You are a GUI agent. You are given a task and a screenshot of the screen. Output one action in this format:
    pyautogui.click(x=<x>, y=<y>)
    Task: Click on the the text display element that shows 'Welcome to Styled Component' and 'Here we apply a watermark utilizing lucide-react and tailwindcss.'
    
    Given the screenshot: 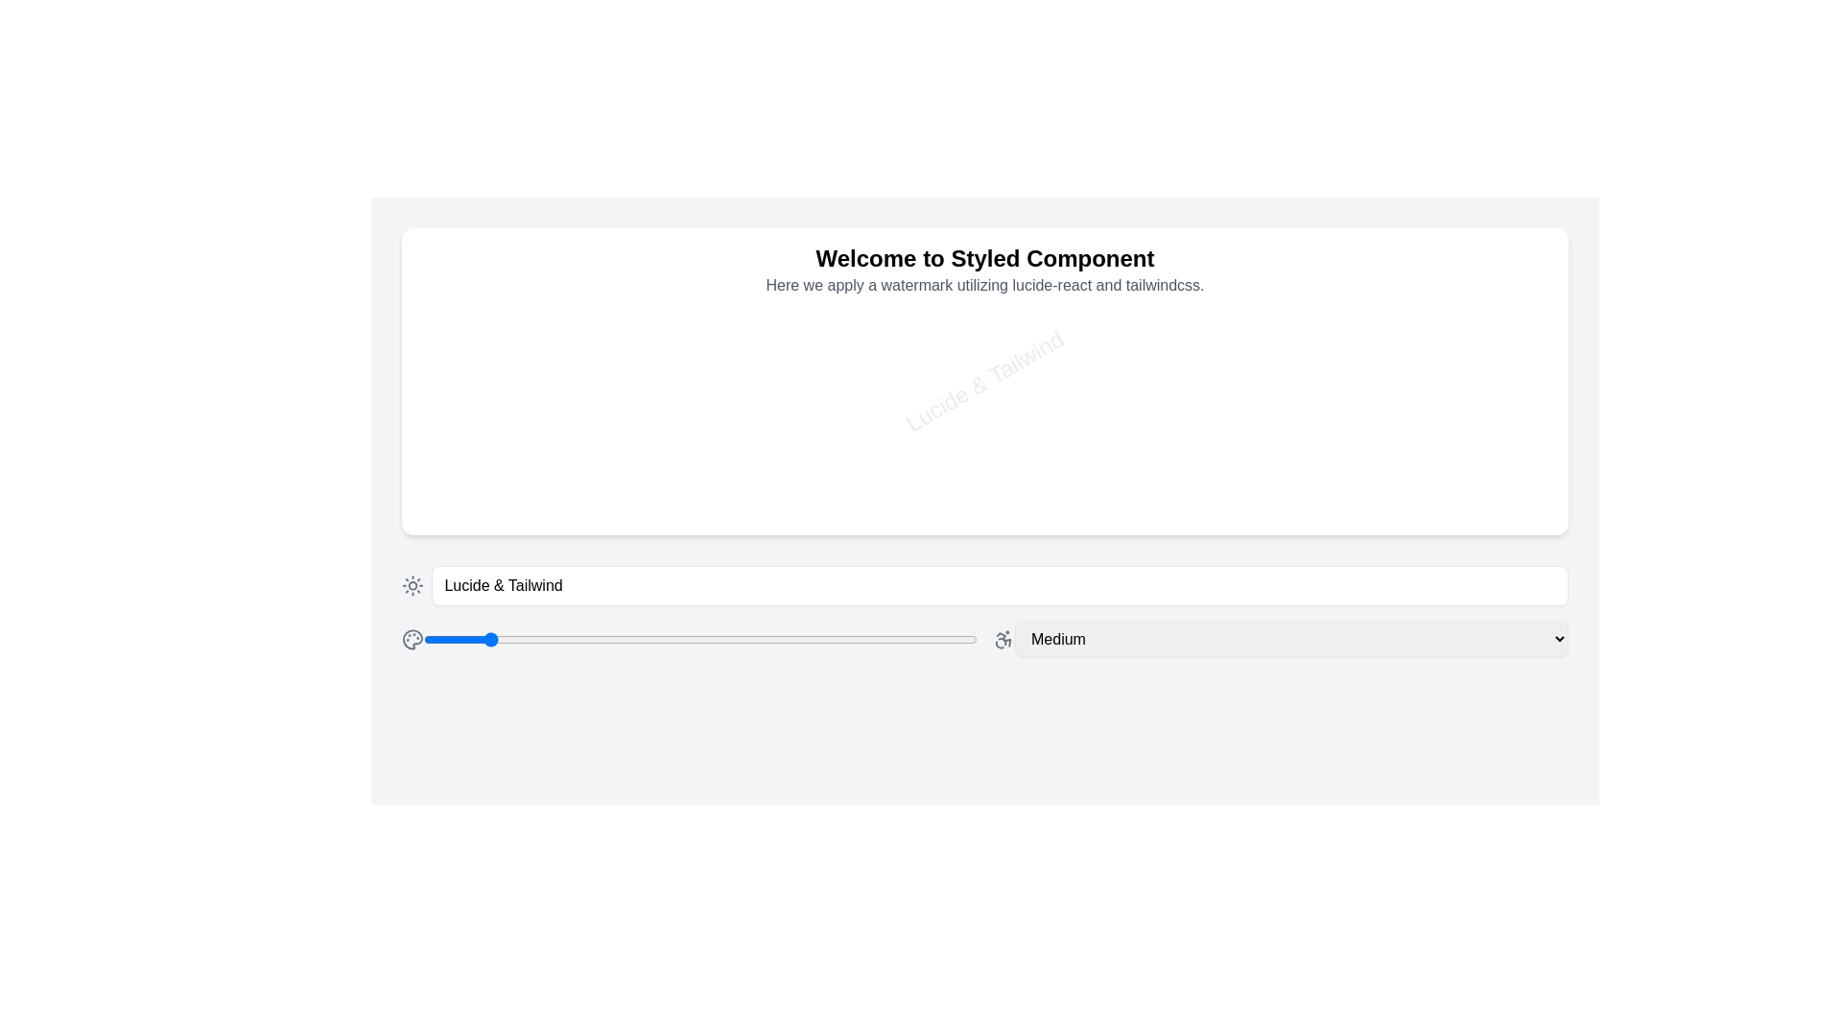 What is the action you would take?
    pyautogui.click(x=985, y=270)
    